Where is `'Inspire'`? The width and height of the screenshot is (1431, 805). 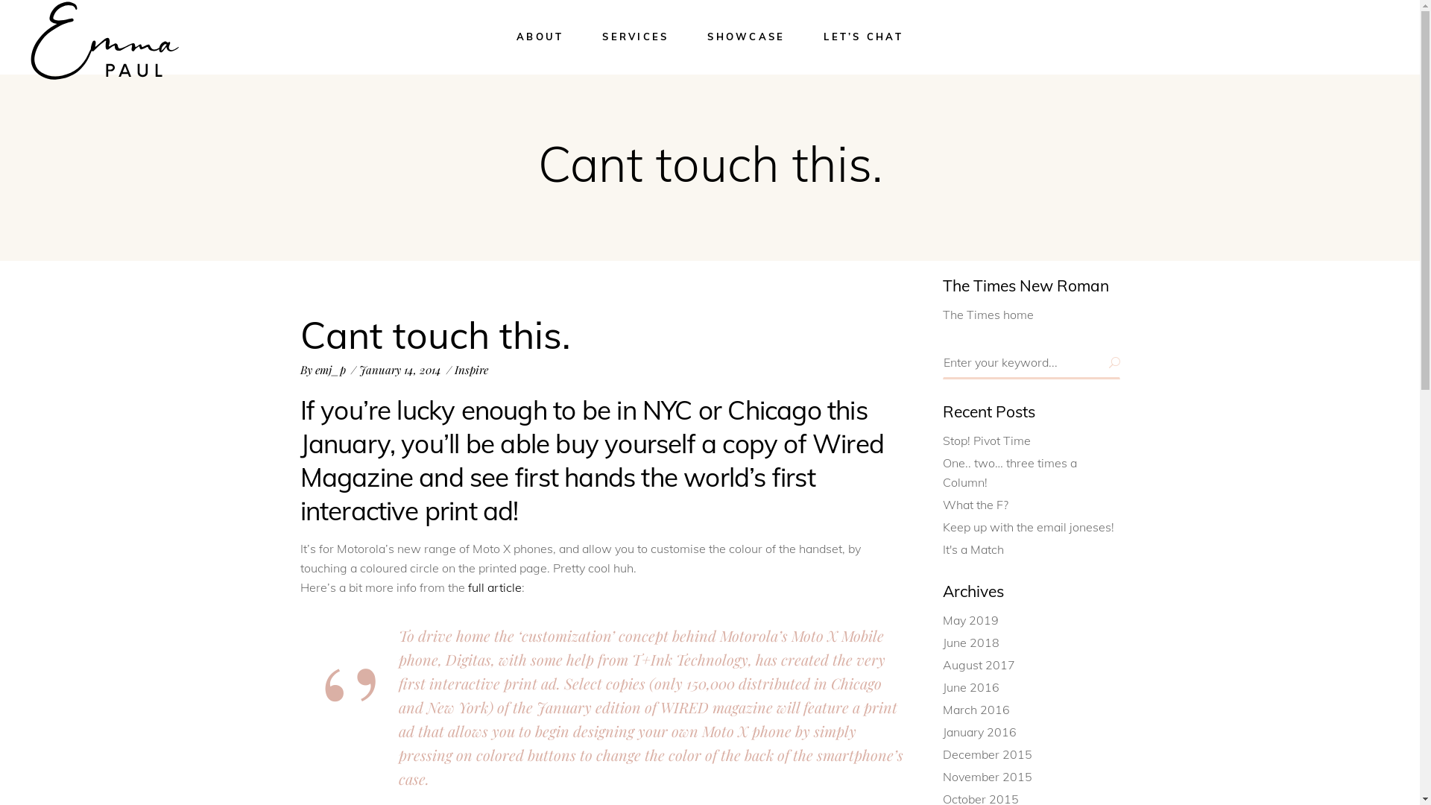 'Inspire' is located at coordinates (470, 369).